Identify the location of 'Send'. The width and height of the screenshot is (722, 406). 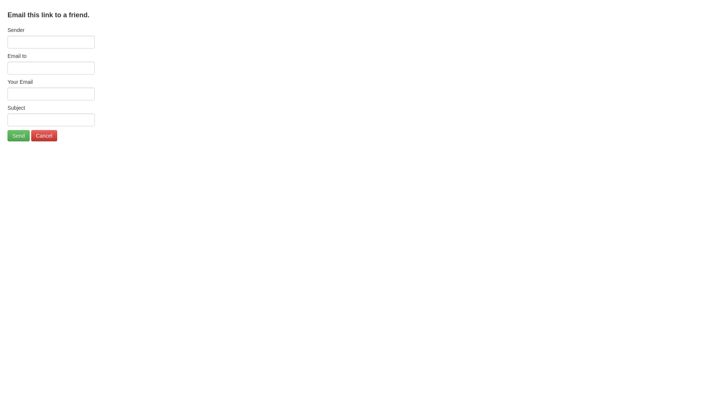
(18, 136).